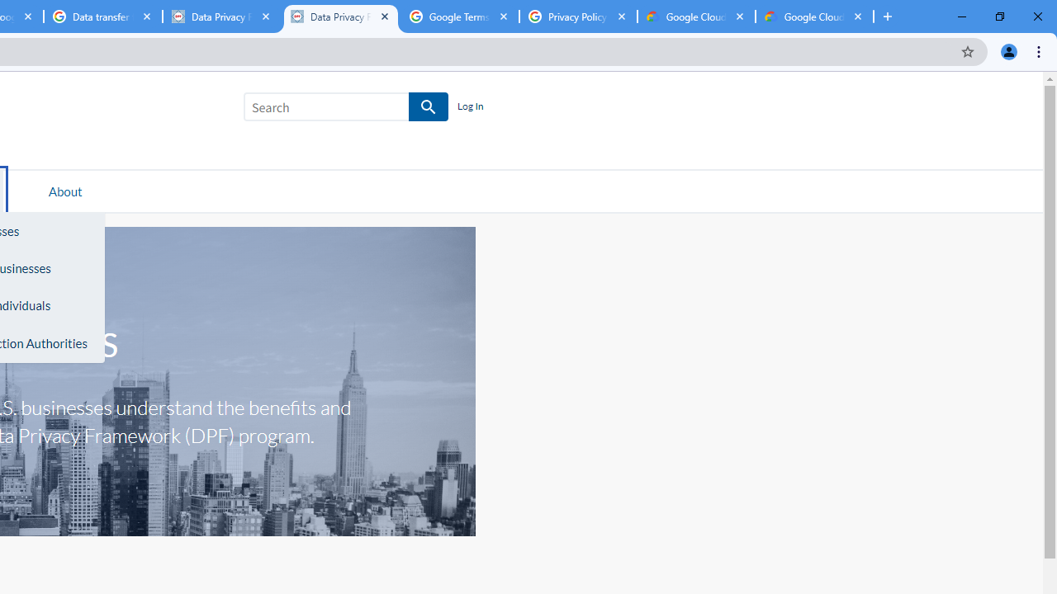  I want to click on 'Data Privacy Framework', so click(220, 16).